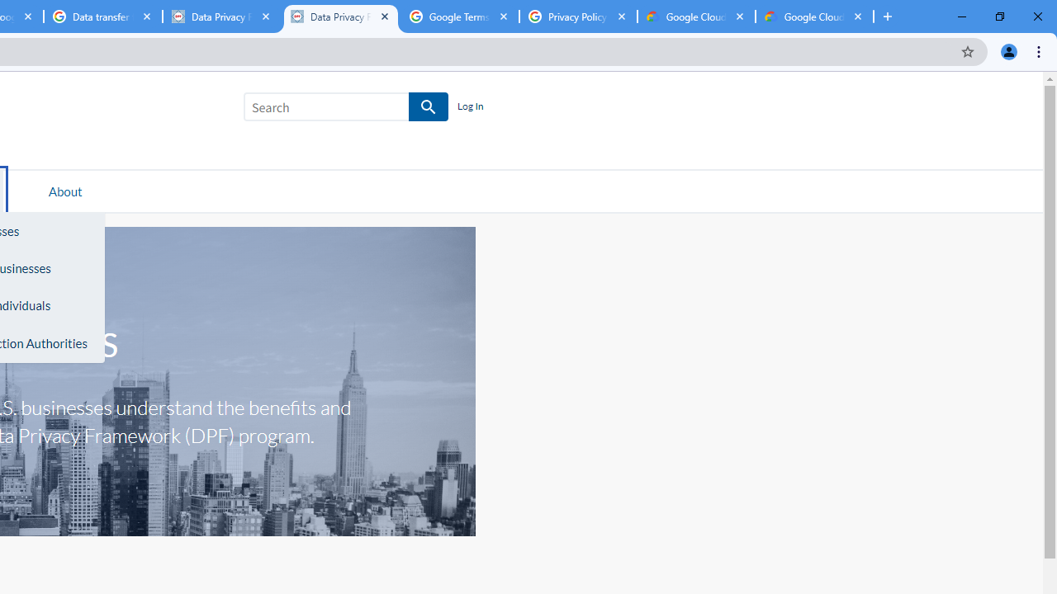  I want to click on 'Data Privacy Framework', so click(220, 16).